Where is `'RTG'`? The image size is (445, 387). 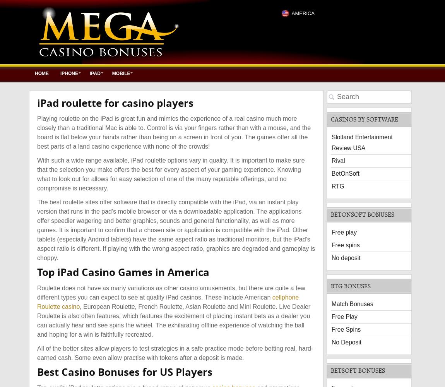
'RTG' is located at coordinates (337, 185).